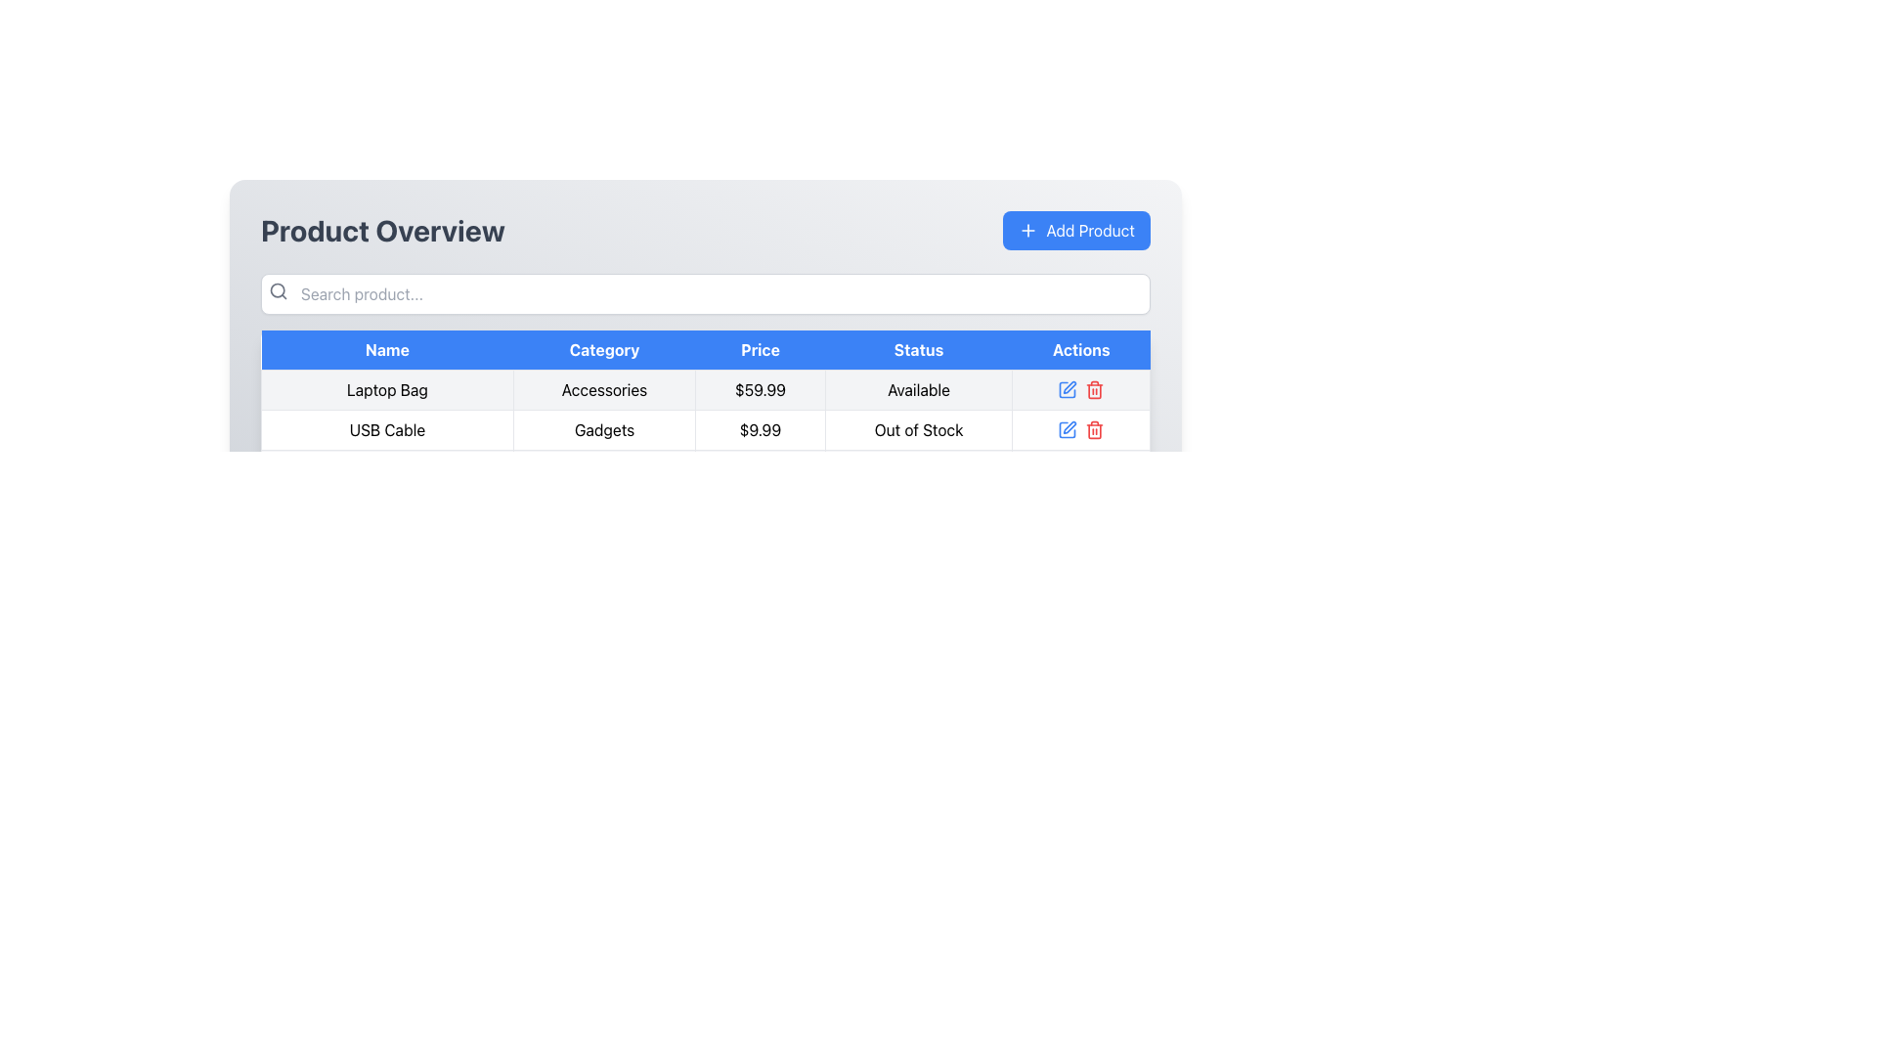  What do you see at coordinates (1067, 389) in the screenshot?
I see `the blue pencil icon in the 'Actions' column of the second row` at bounding box center [1067, 389].